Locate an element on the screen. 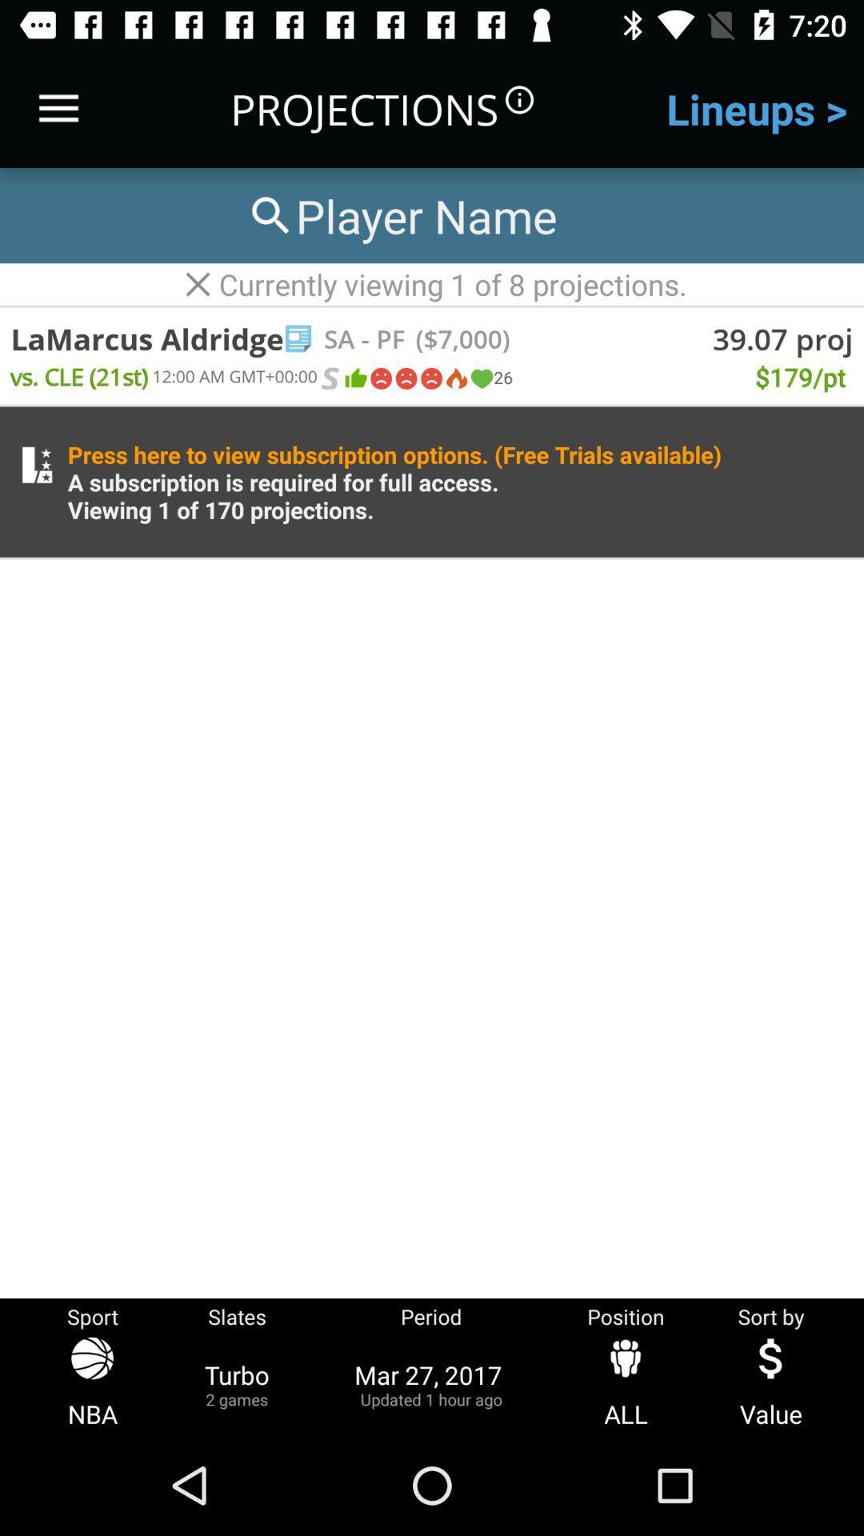 This screenshot has width=864, height=1536. nba with its logo is located at coordinates (92, 1383).